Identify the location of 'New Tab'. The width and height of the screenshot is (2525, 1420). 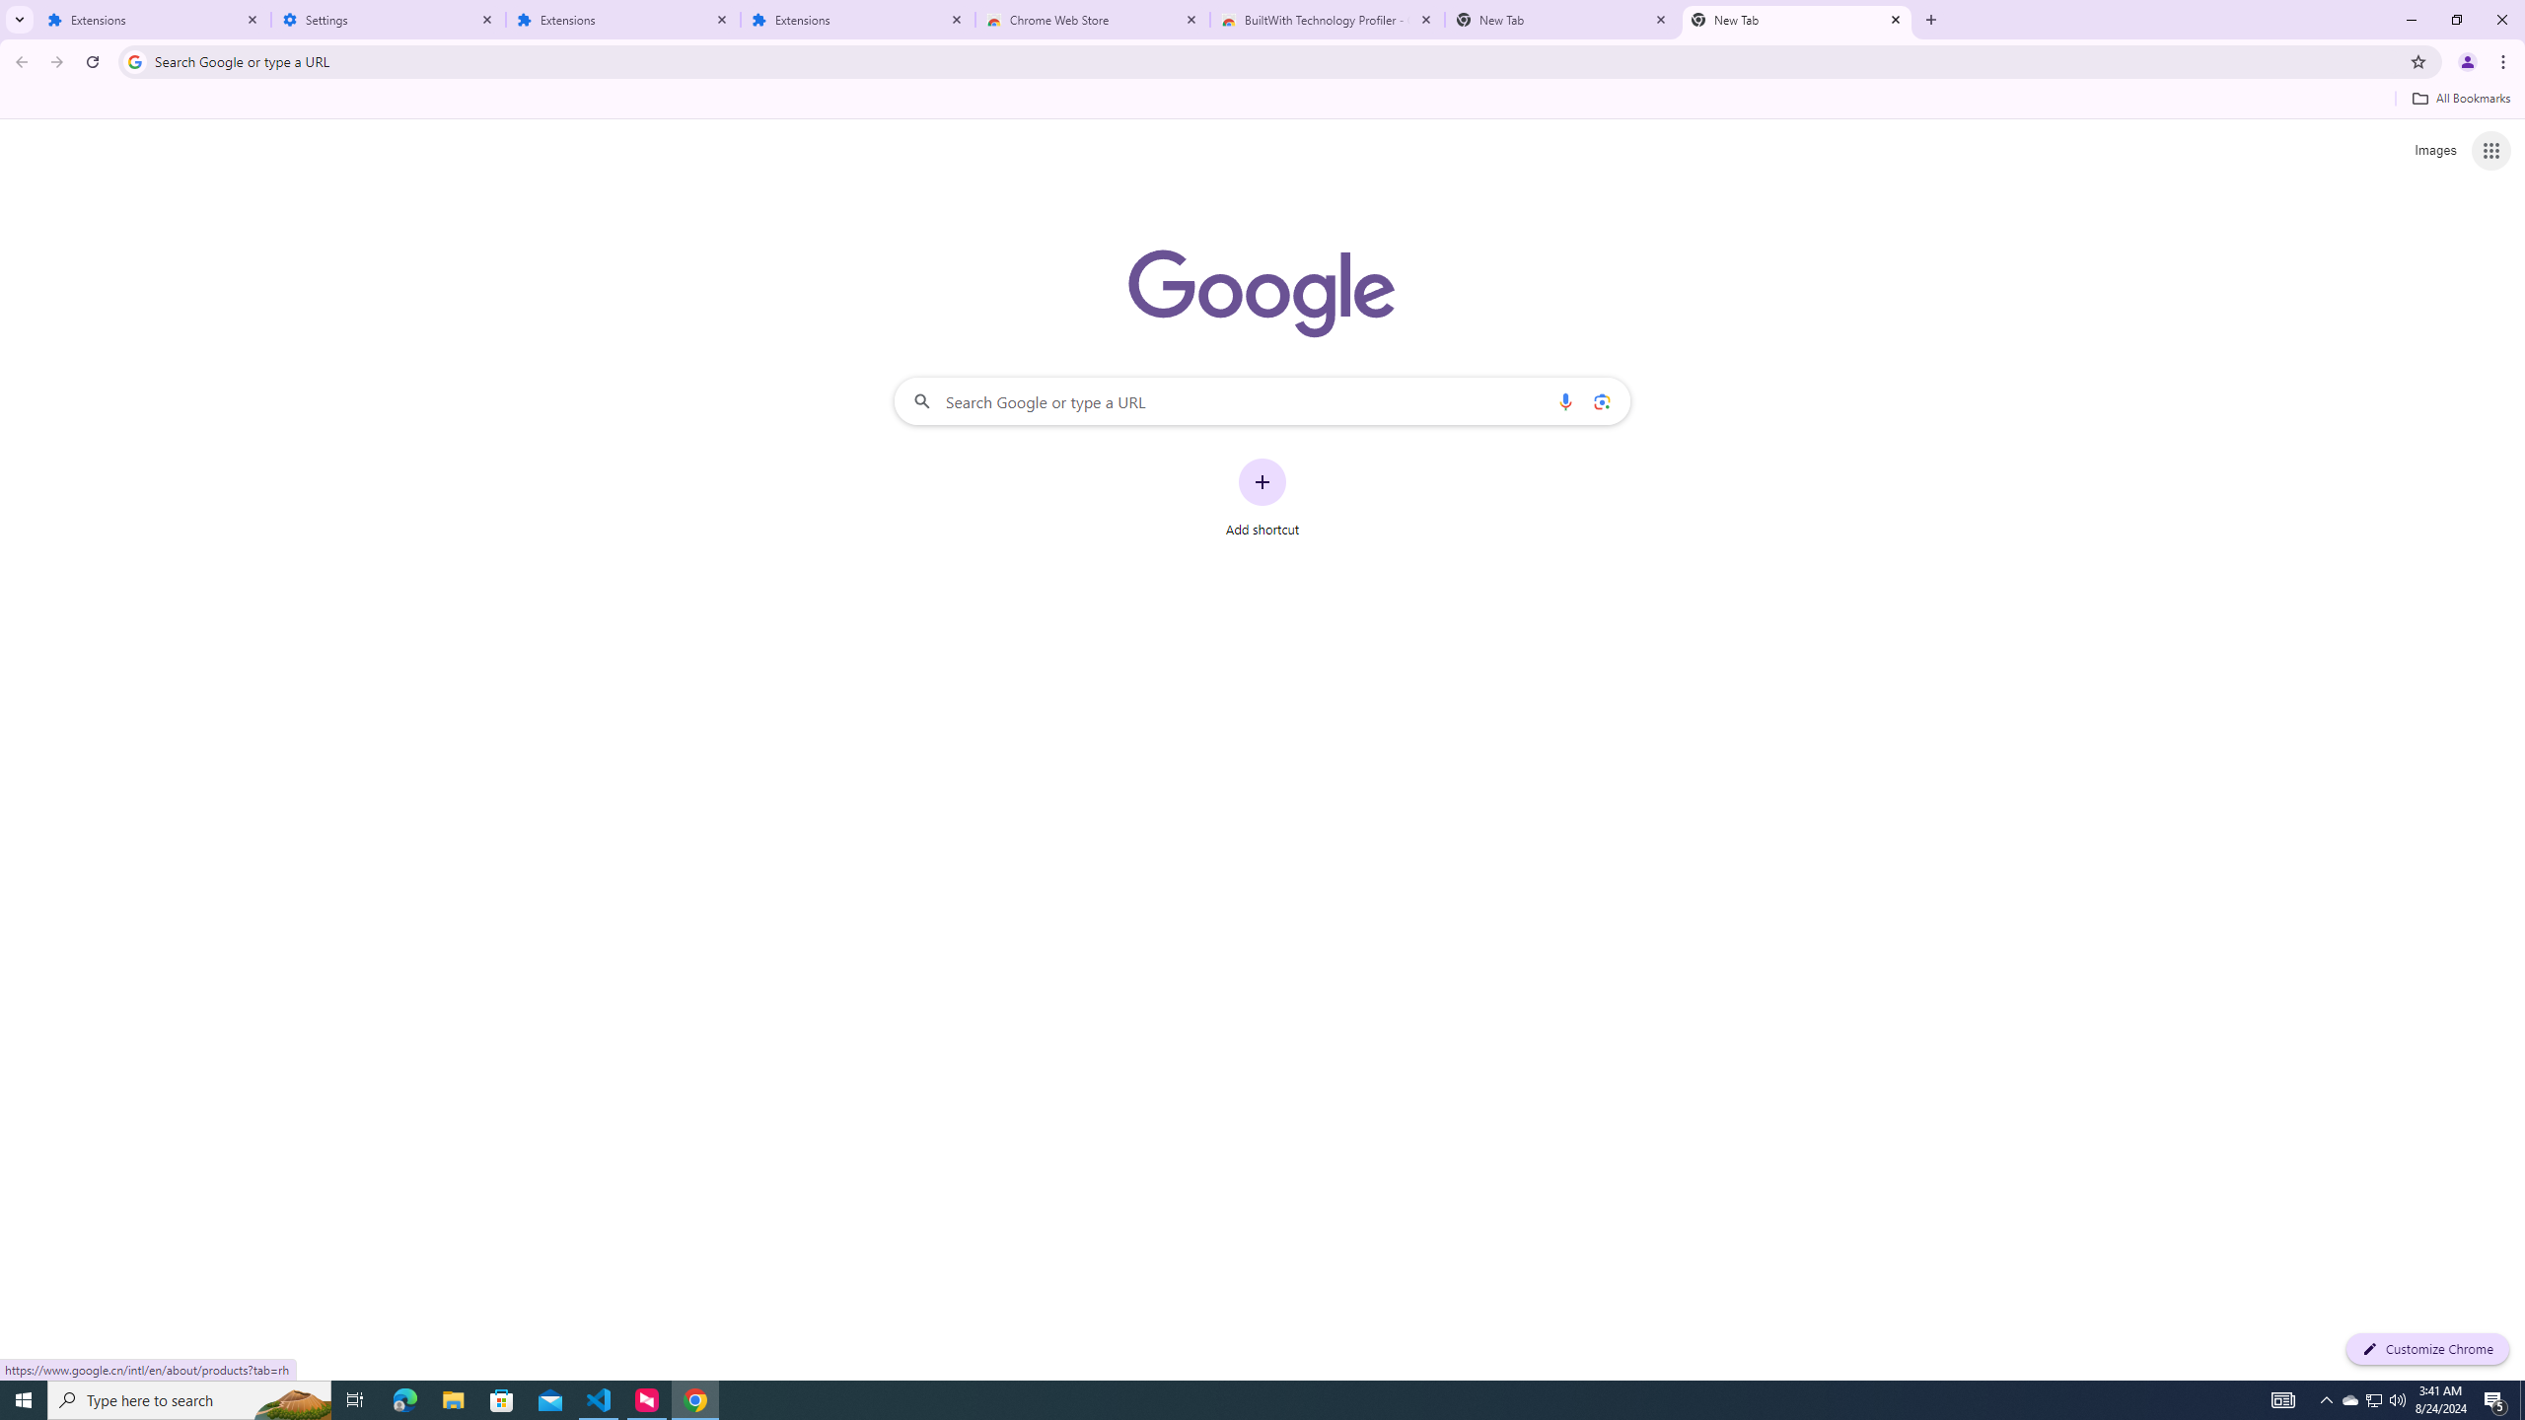
(1797, 19).